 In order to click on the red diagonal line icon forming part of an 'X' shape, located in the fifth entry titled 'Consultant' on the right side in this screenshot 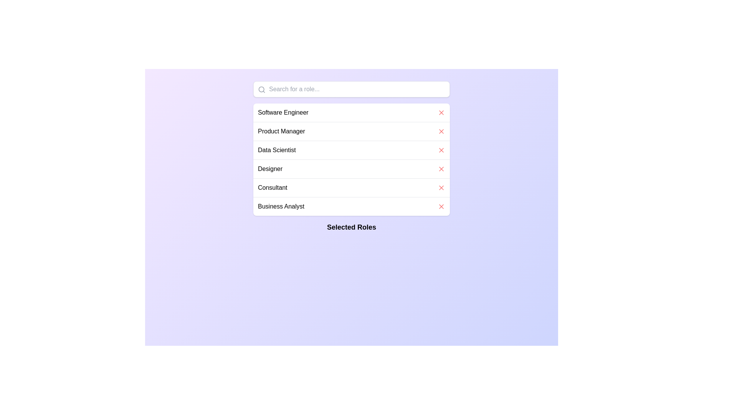, I will do `click(441, 187)`.